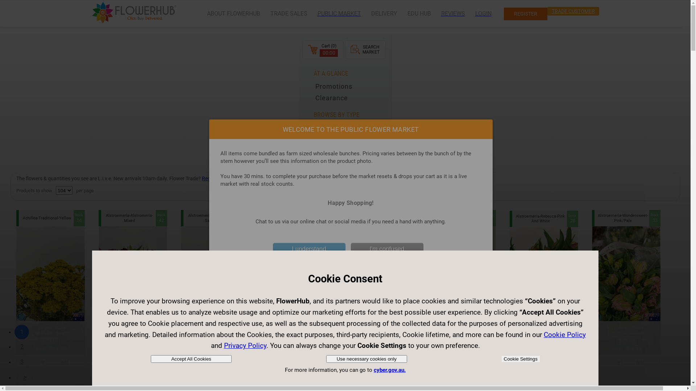 The height and width of the screenshot is (391, 696). Describe the element at coordinates (308, 248) in the screenshot. I see `'I understand'` at that location.